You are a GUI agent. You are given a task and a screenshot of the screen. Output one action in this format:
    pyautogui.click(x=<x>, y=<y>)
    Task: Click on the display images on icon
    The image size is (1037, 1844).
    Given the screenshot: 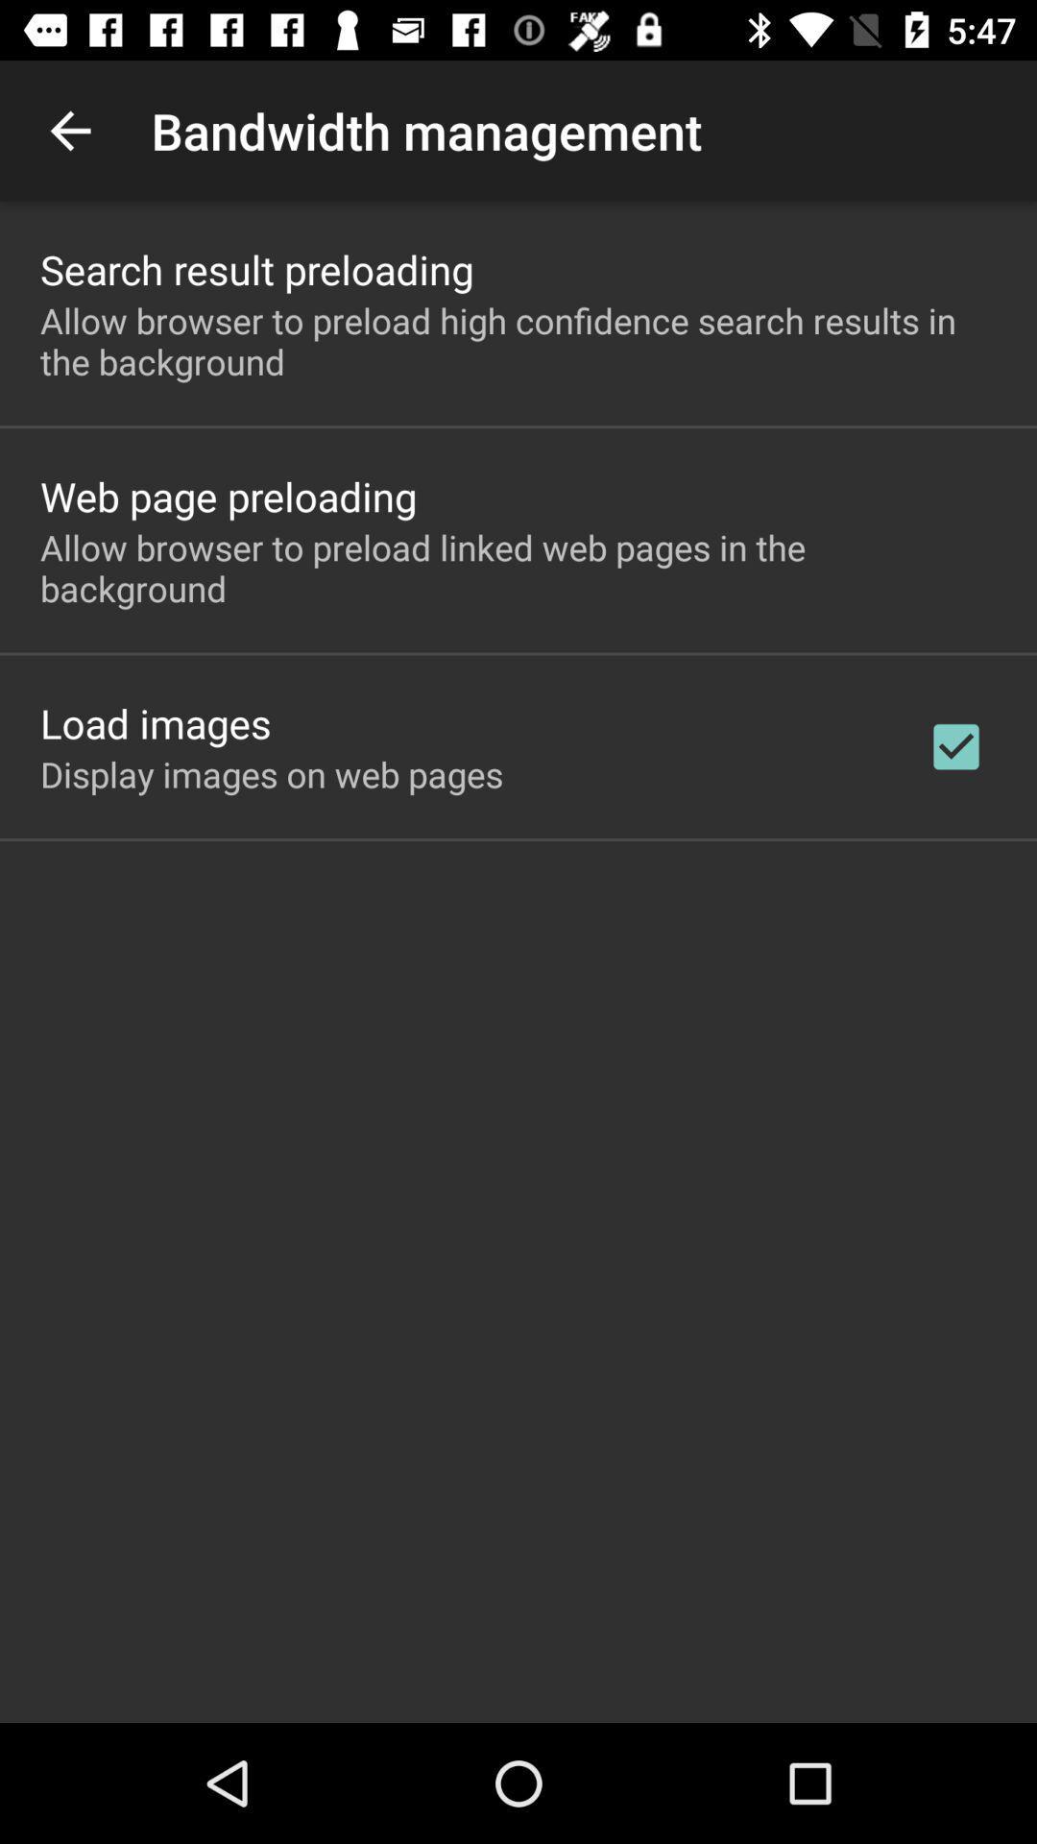 What is the action you would take?
    pyautogui.click(x=272, y=774)
    